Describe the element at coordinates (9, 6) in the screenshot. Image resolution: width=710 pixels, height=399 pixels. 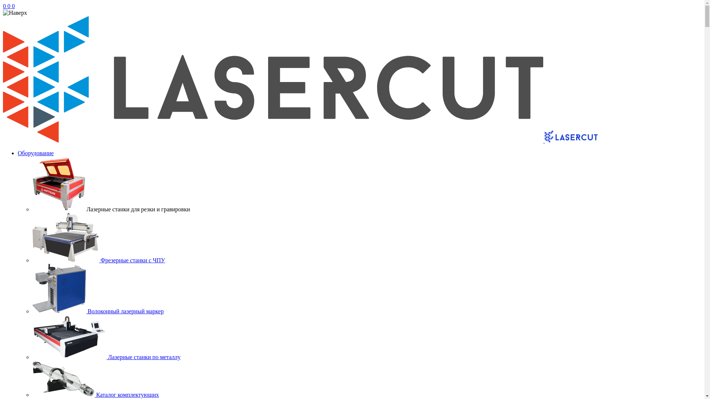
I see `'0'` at that location.